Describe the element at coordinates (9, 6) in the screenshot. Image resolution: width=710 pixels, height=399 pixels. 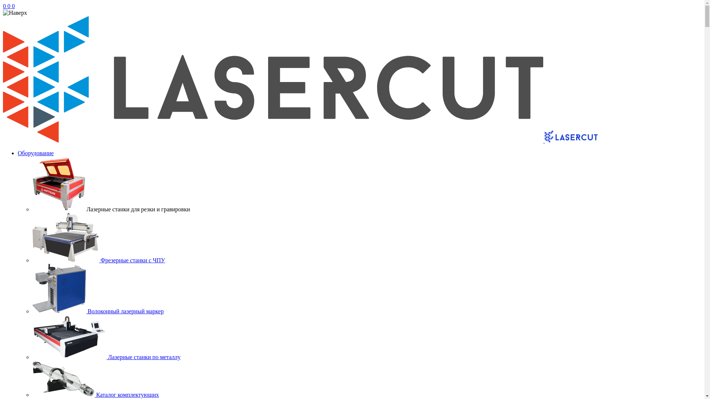
I see `'0'` at that location.